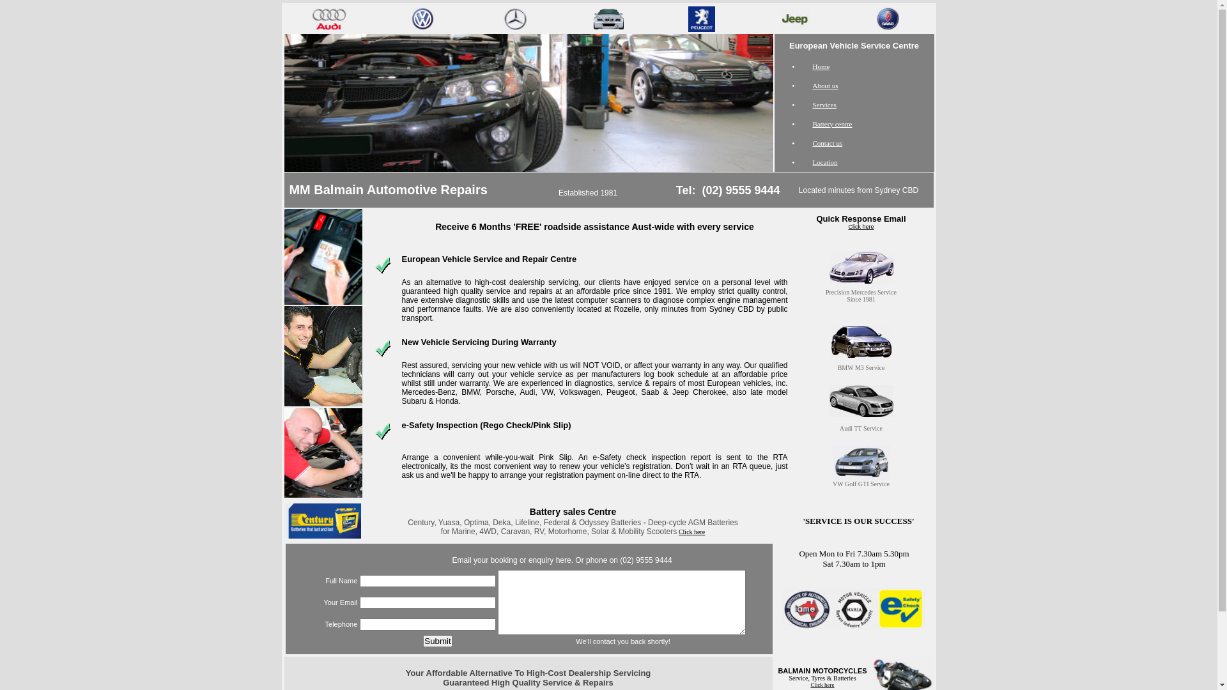 Image resolution: width=1227 pixels, height=690 pixels. What do you see at coordinates (437, 641) in the screenshot?
I see `'Submit'` at bounding box center [437, 641].